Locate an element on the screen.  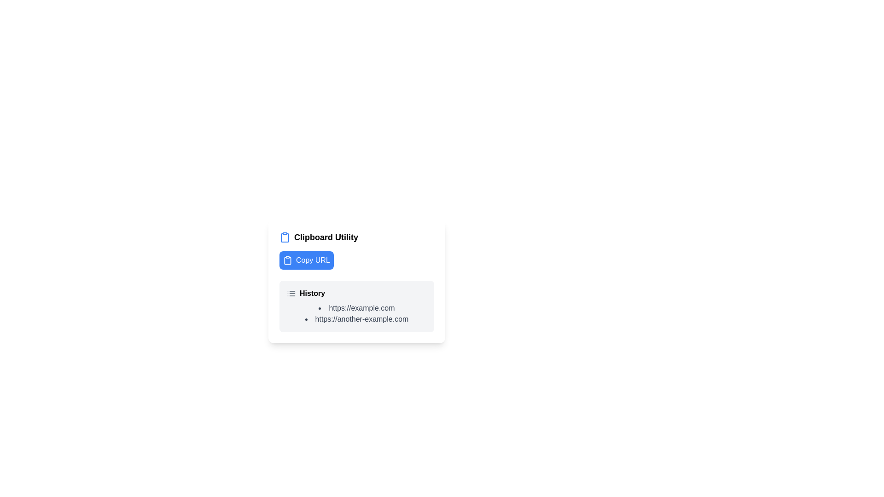
the second URL item in the Bulleted List located under the 'History' section of the 'Clipboard Utility' is located at coordinates (356, 313).